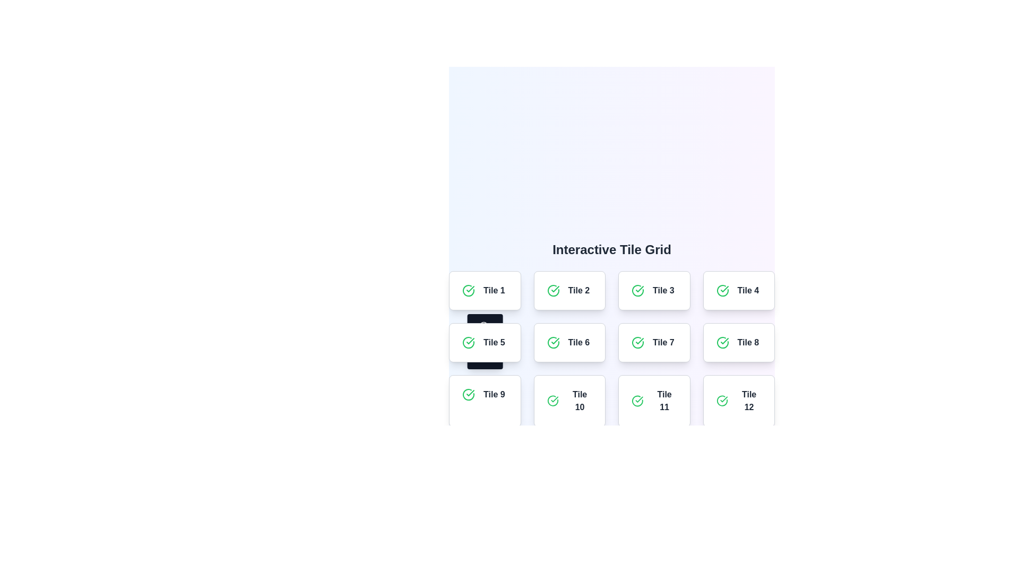 Image resolution: width=1019 pixels, height=573 pixels. Describe the element at coordinates (722, 342) in the screenshot. I see `the status represented by the Graphical Icon (SVG) associated with 'Tile 8', which is part of a circular icon structure featuring a checkmark` at that location.